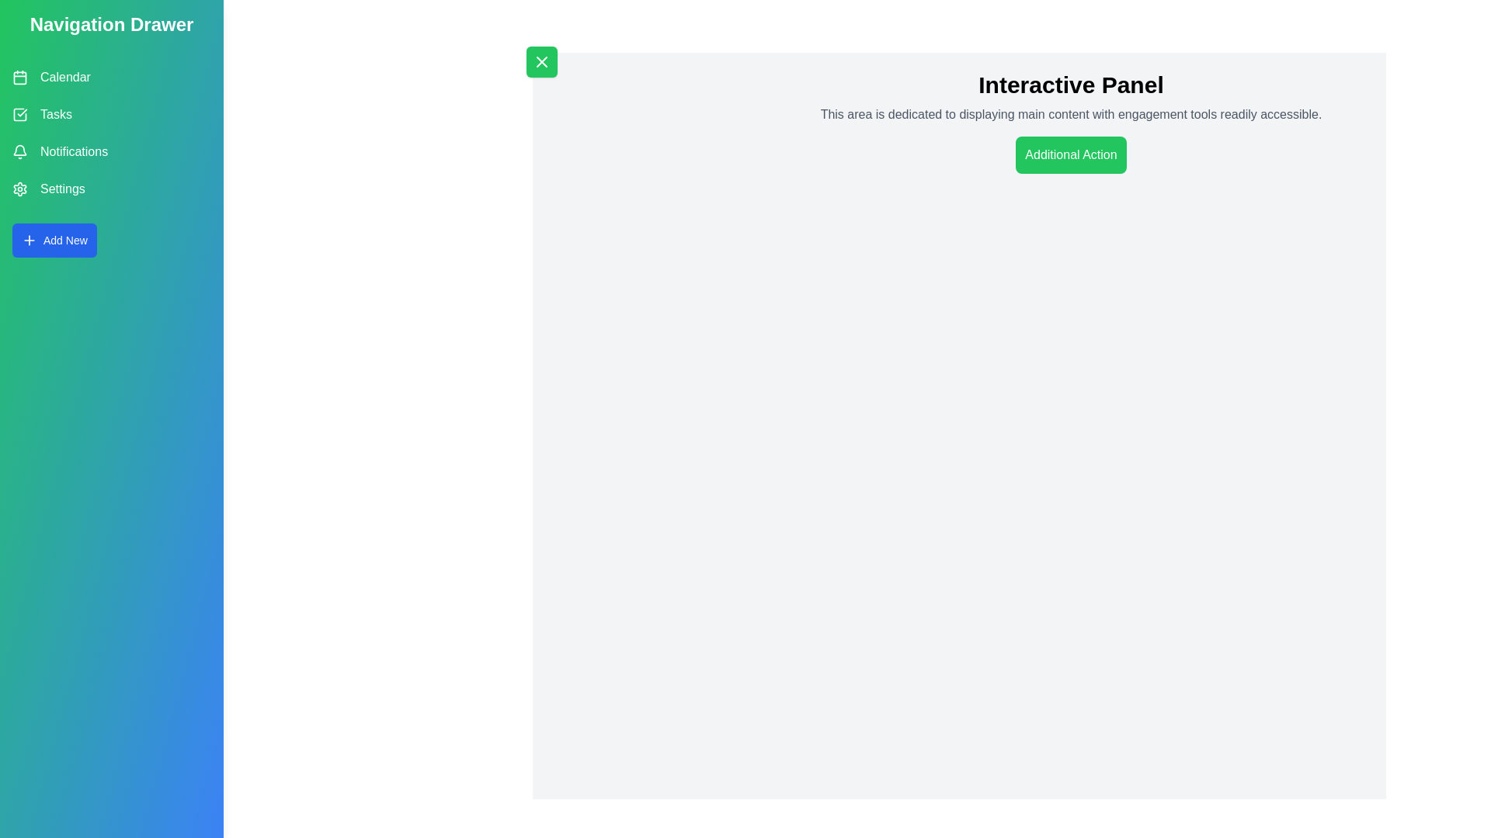 This screenshot has width=1491, height=838. What do you see at coordinates (541, 61) in the screenshot?
I see `the Close Icon located in the top-right corner of the interface, which is inside a green circular button` at bounding box center [541, 61].